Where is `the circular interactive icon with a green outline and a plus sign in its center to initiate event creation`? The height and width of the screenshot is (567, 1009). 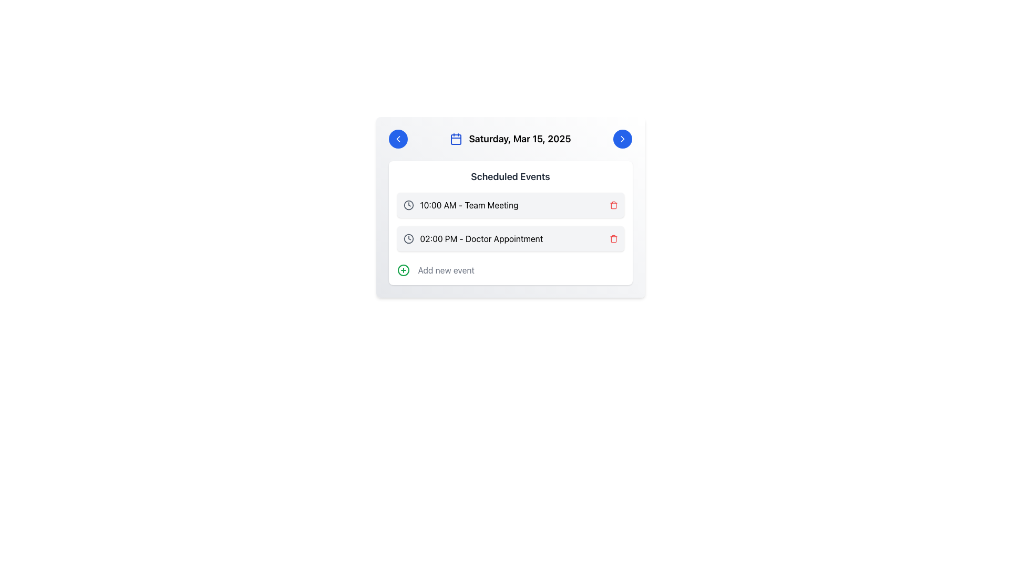 the circular interactive icon with a green outline and a plus sign in its center to initiate event creation is located at coordinates (403, 270).